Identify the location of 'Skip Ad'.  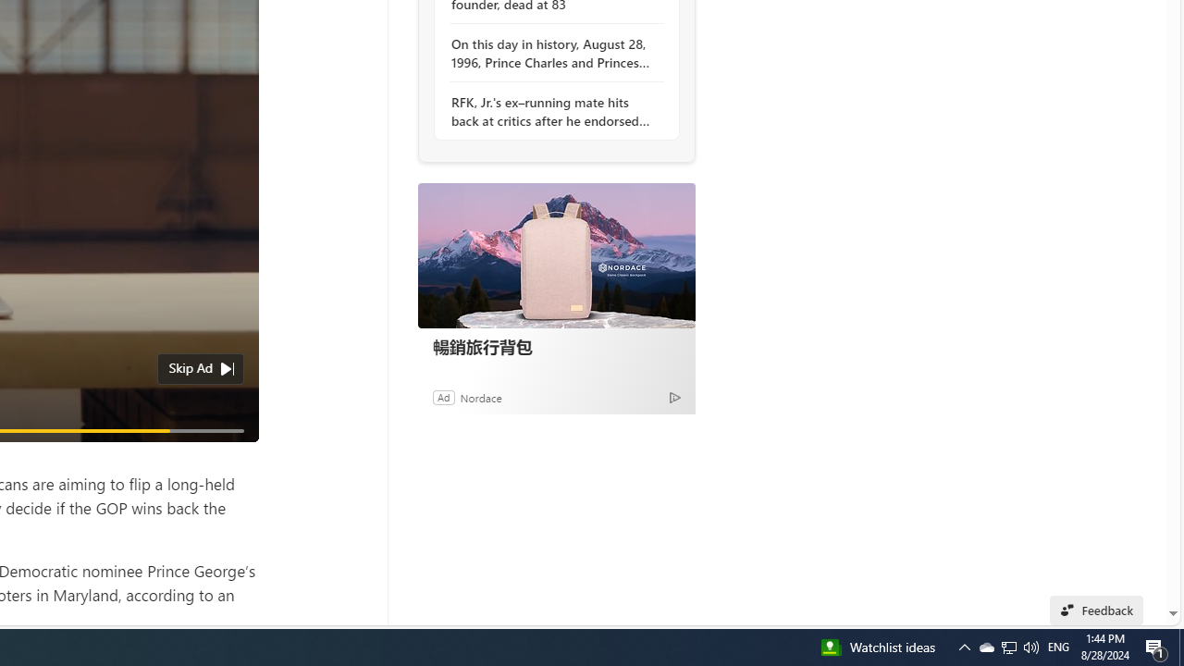
(191, 368).